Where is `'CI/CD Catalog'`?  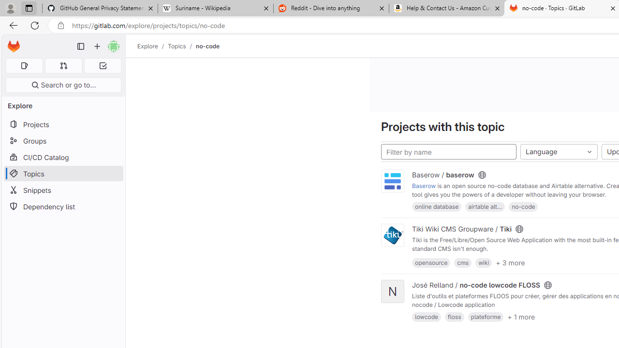
'CI/CD Catalog' is located at coordinates (63, 157).